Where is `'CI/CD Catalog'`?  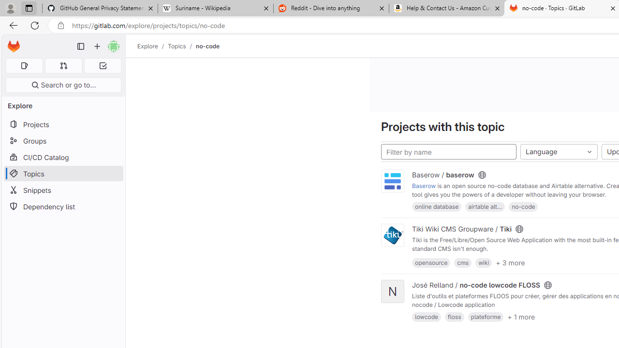
'CI/CD Catalog' is located at coordinates (63, 157).